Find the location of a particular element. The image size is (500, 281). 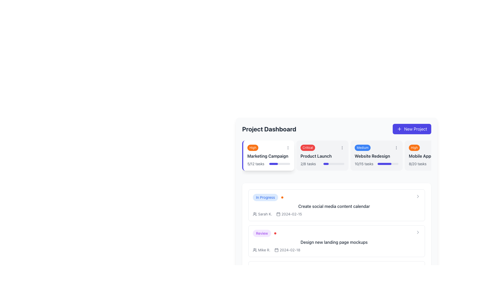

the state of the Progress bar segment indicating the completion level for the 'Website Redesign' task, which is visually represented within a wider horizontal bar on the 'Project Dashboard' is located at coordinates (384, 163).